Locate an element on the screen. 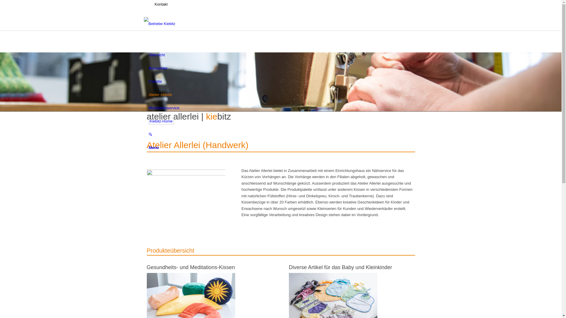 Image resolution: width=566 pixels, height=318 pixels. 'Kontakt' is located at coordinates (161, 4).